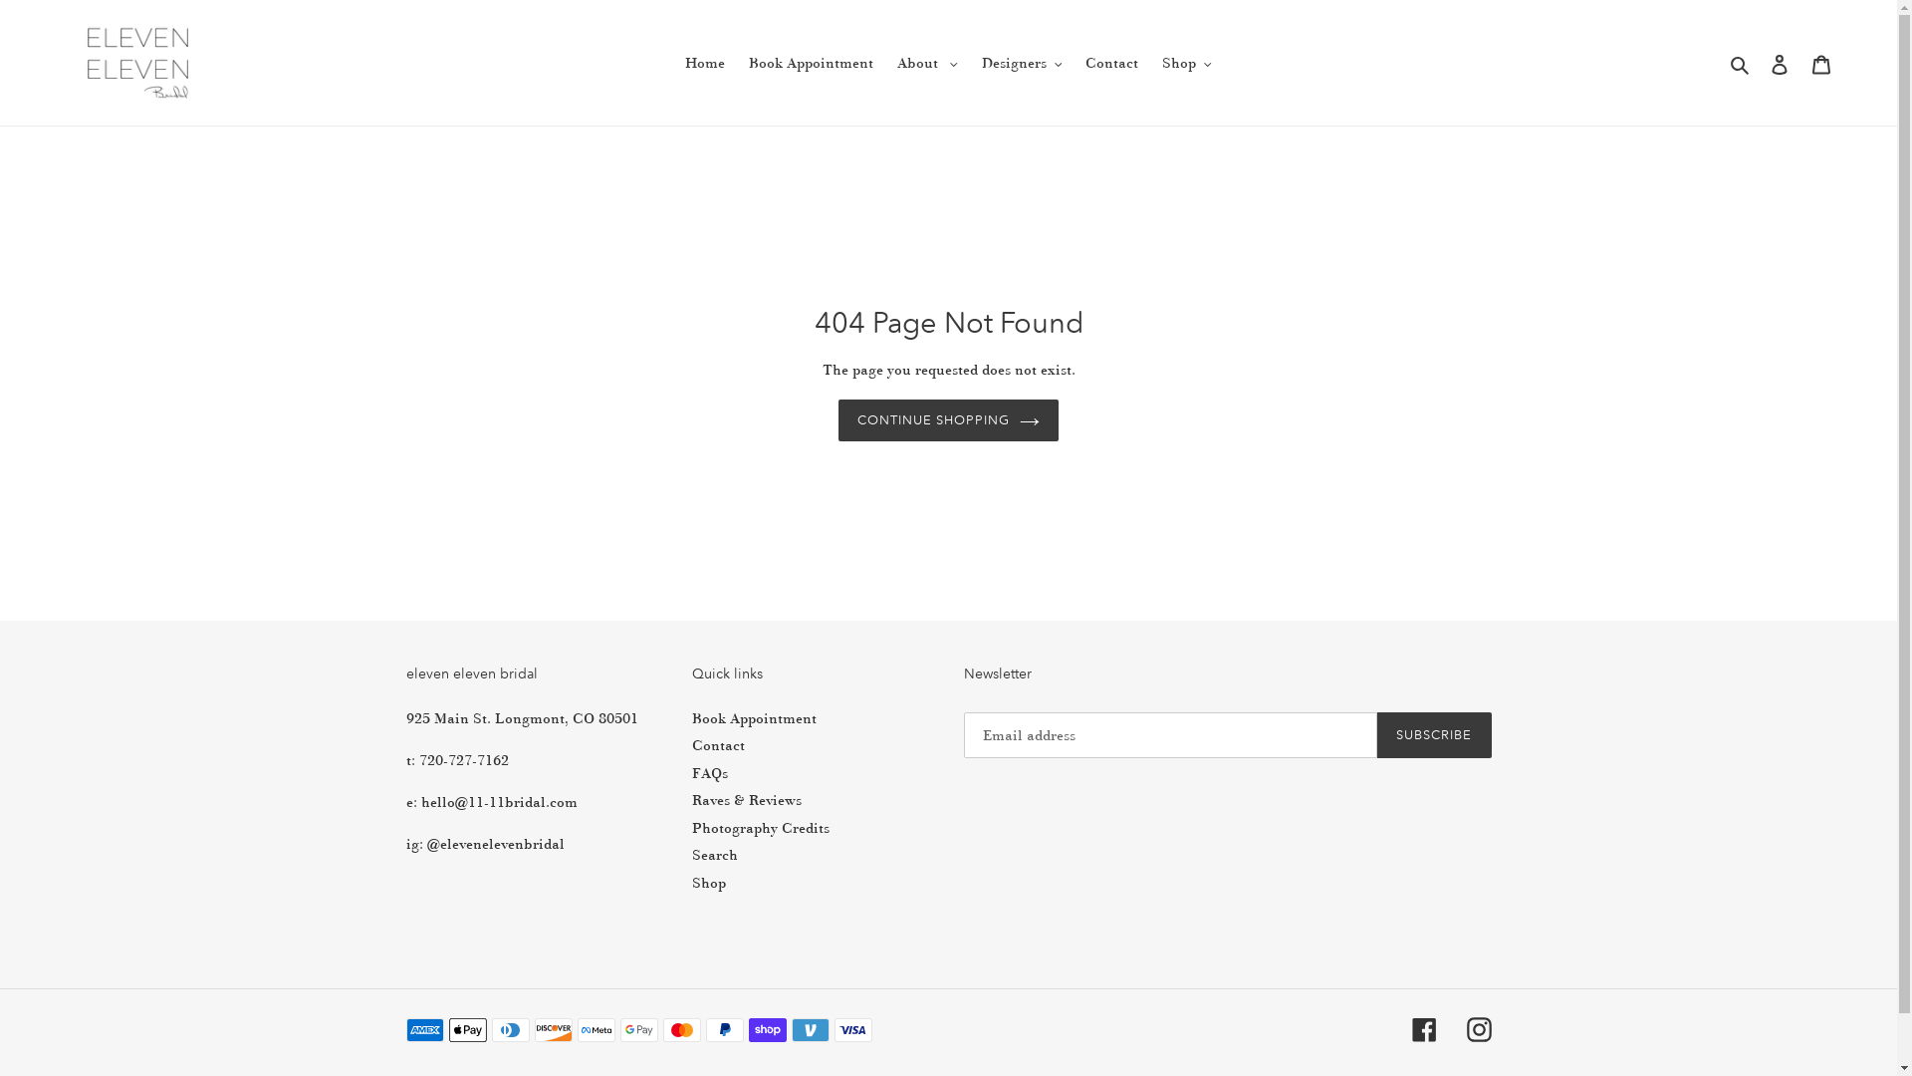 The width and height of the screenshot is (1912, 1076). What do you see at coordinates (705, 62) in the screenshot?
I see `'Home'` at bounding box center [705, 62].